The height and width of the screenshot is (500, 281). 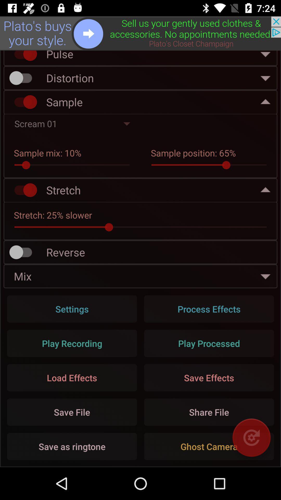 I want to click on stretch, so click(x=23, y=190).